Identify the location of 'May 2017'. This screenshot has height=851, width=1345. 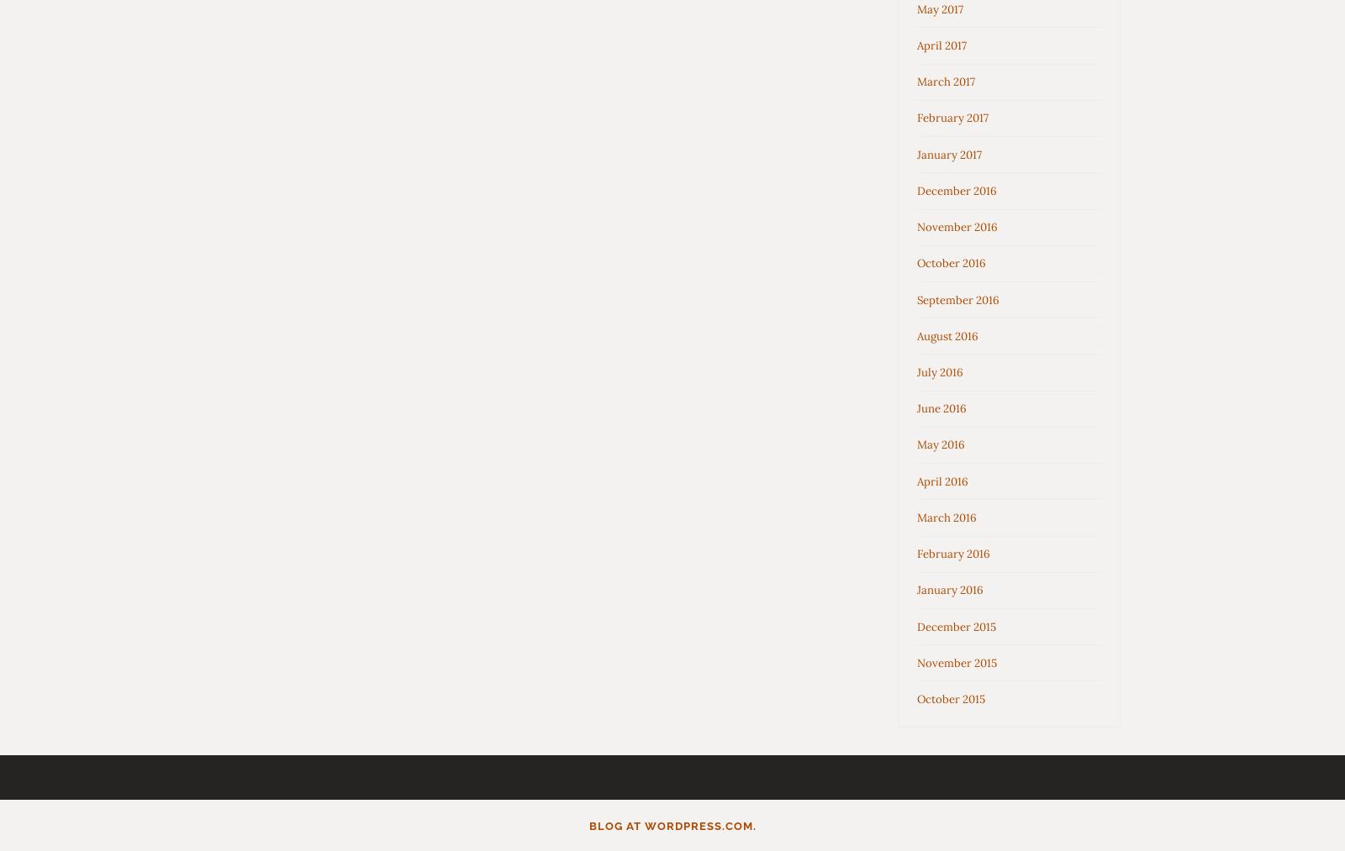
(940, 8).